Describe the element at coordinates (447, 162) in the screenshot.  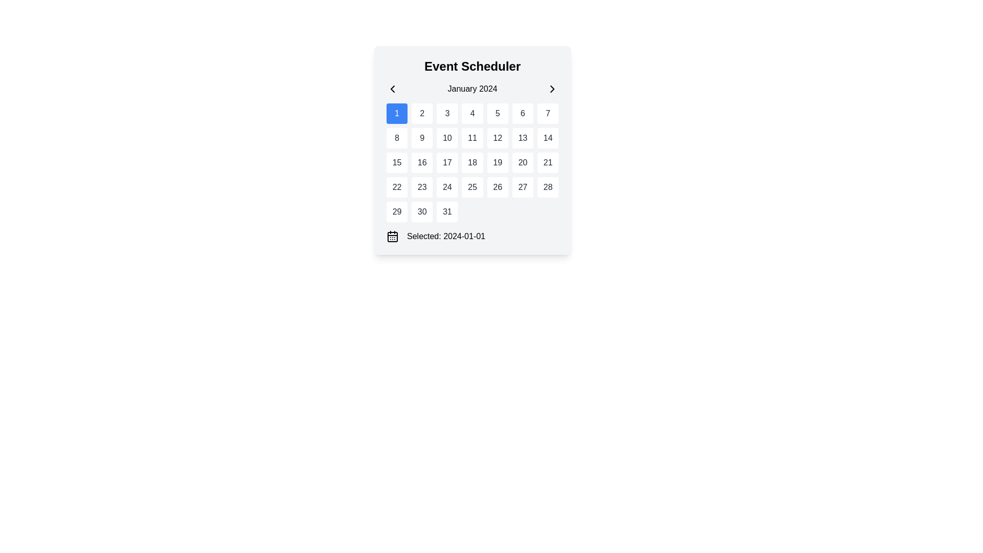
I see `the button-like calendar date representation displaying the number '17' located in the third row and third column of the calendar grid layout under 'Event Scheduler' for January 2024` at that location.